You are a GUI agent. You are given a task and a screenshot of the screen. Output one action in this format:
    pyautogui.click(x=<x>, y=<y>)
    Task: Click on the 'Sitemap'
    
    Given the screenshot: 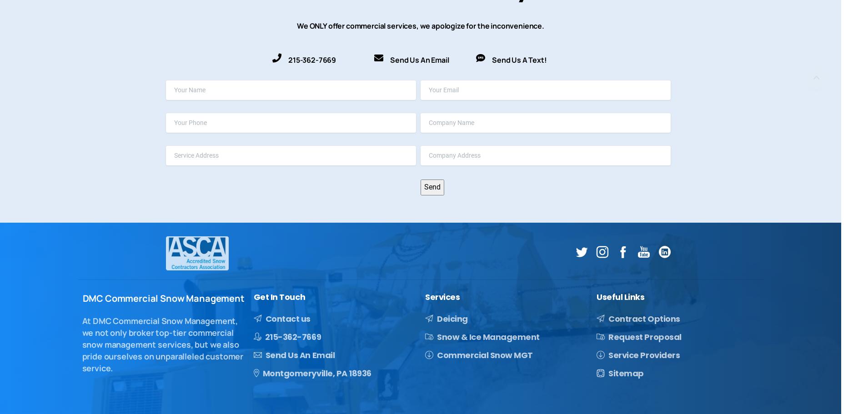 What is the action you would take?
    pyautogui.click(x=607, y=372)
    